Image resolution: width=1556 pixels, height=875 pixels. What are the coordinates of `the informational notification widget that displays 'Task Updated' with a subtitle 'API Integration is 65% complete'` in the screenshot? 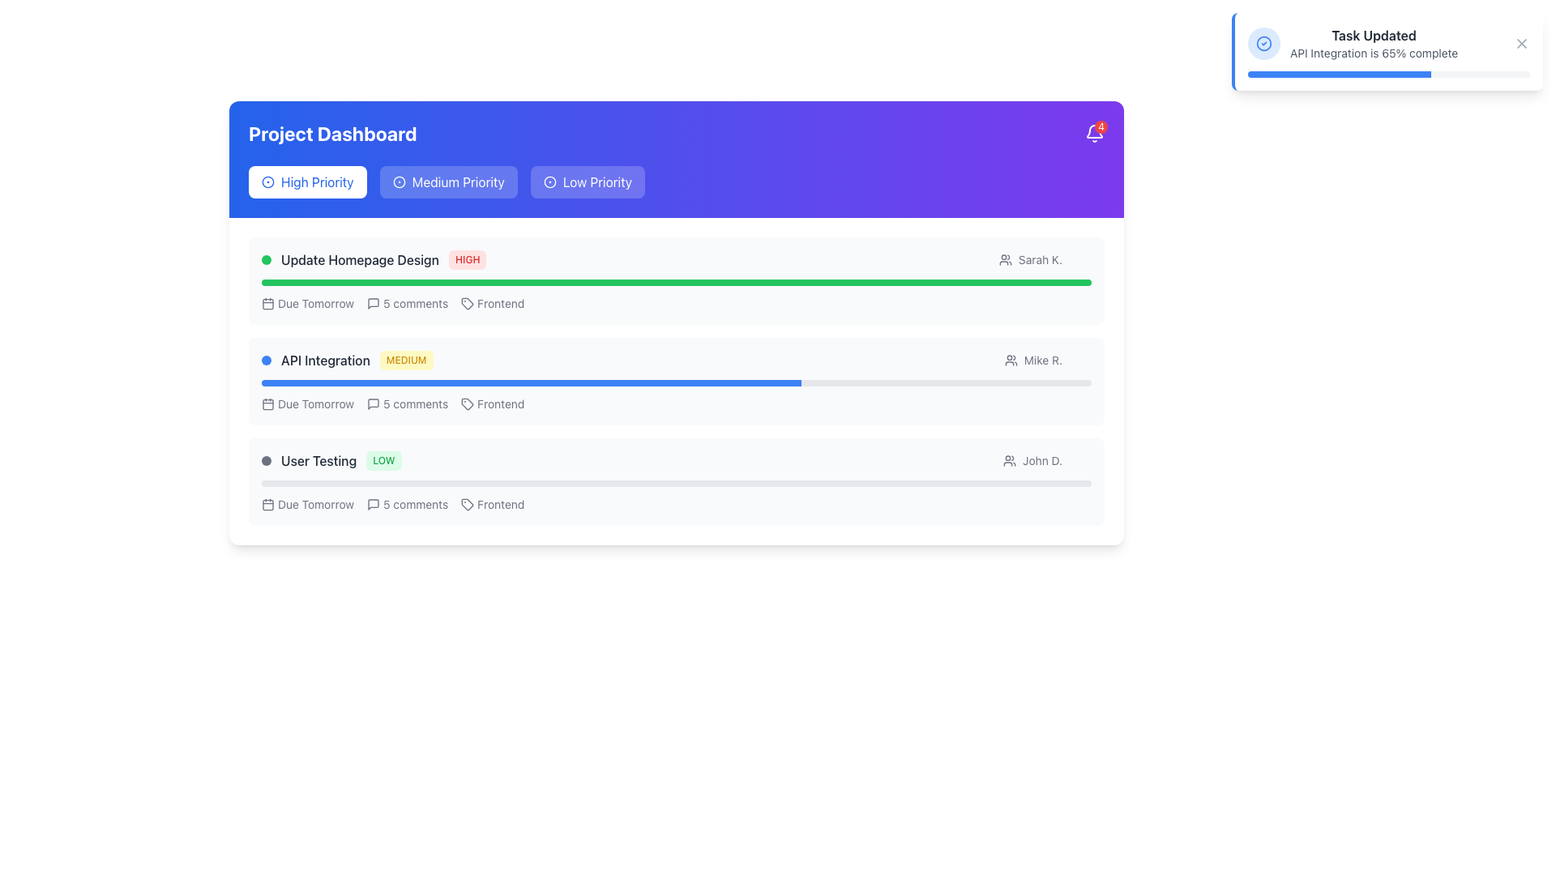 It's located at (1353, 43).